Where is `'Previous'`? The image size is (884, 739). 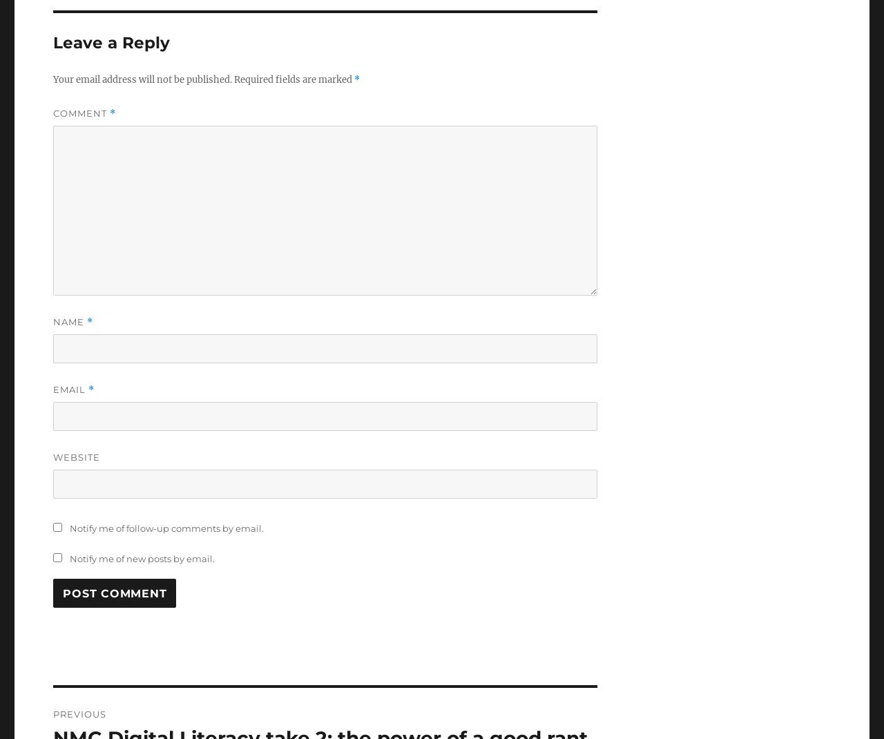 'Previous' is located at coordinates (79, 714).